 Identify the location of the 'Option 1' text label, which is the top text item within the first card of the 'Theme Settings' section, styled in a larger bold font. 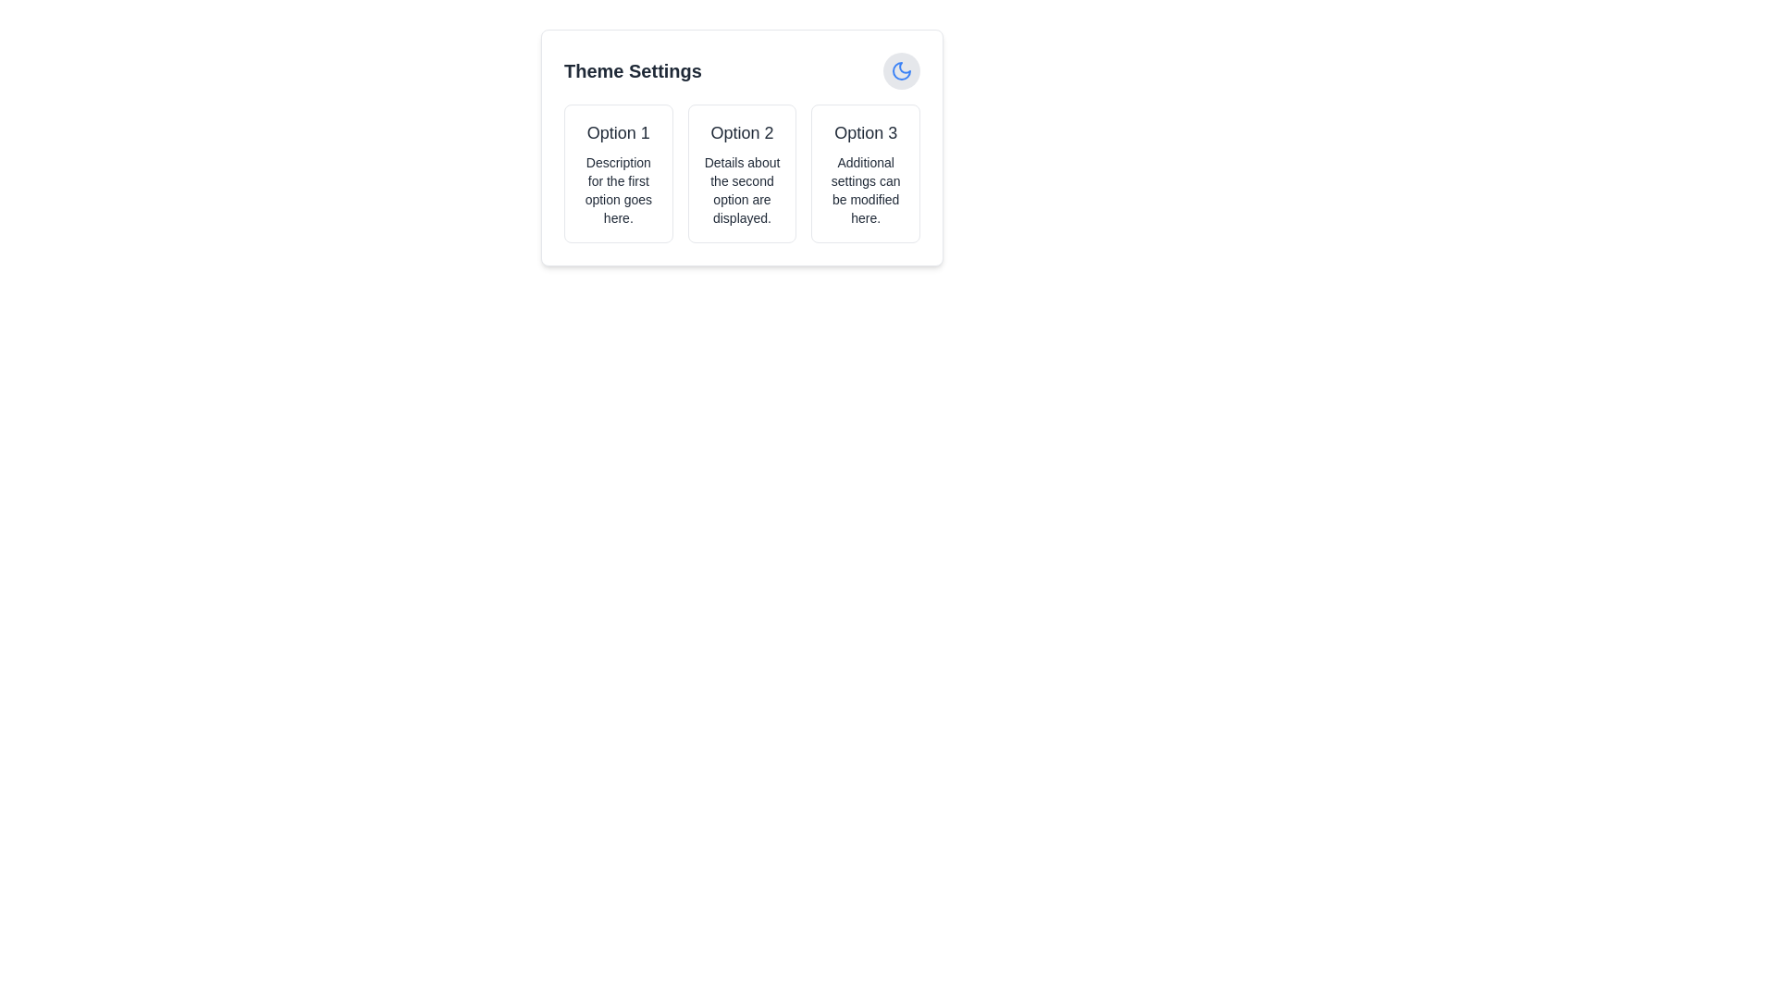
(618, 131).